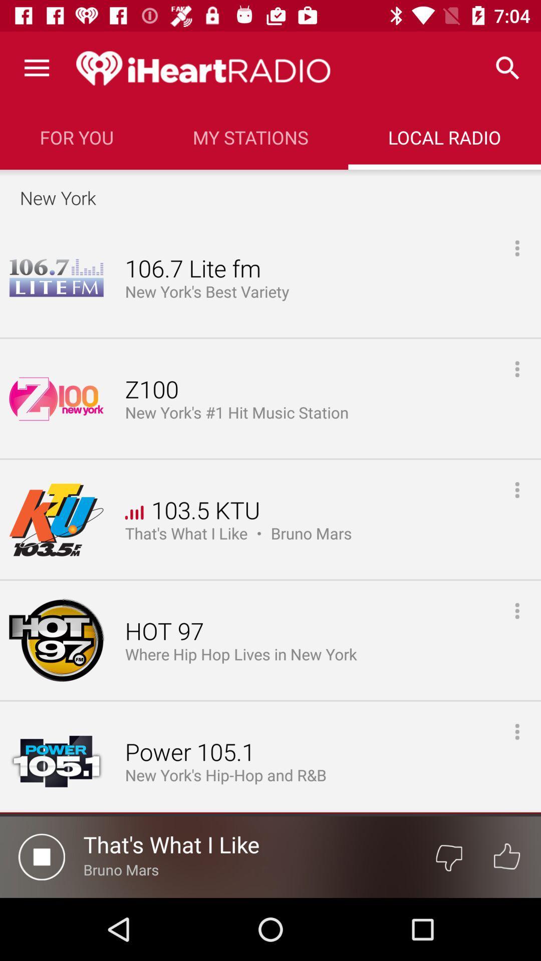 The image size is (541, 961). Describe the element at coordinates (507, 856) in the screenshot. I see `the thumbs_up icon` at that location.